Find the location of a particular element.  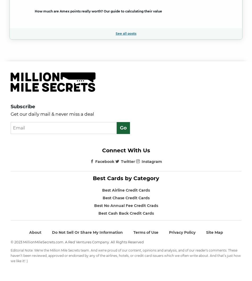

'Terms of Use' is located at coordinates (146, 232).